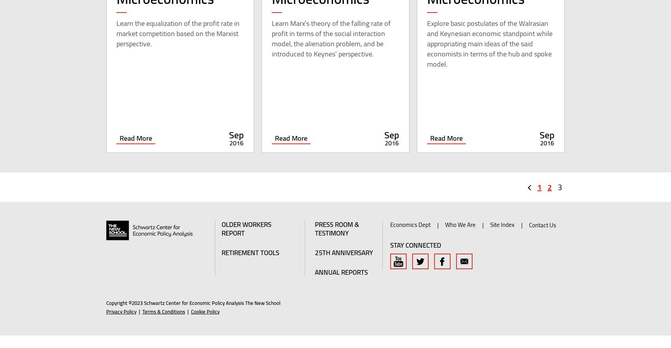 The width and height of the screenshot is (671, 348). Describe the element at coordinates (245, 241) in the screenshot. I see `'Older Workers Report'` at that location.